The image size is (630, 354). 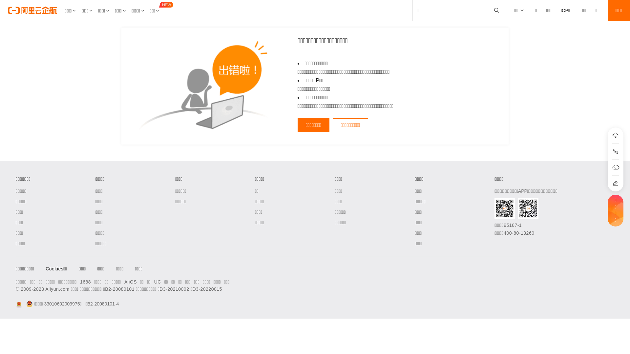 What do you see at coordinates (131, 282) in the screenshot?
I see `'AliOS'` at bounding box center [131, 282].